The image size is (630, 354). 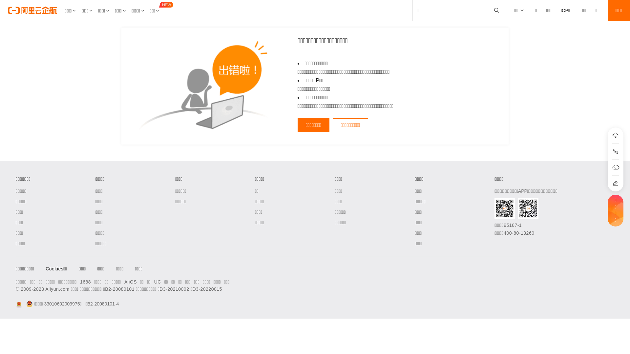 What do you see at coordinates (131, 282) in the screenshot?
I see `'AliOS'` at bounding box center [131, 282].